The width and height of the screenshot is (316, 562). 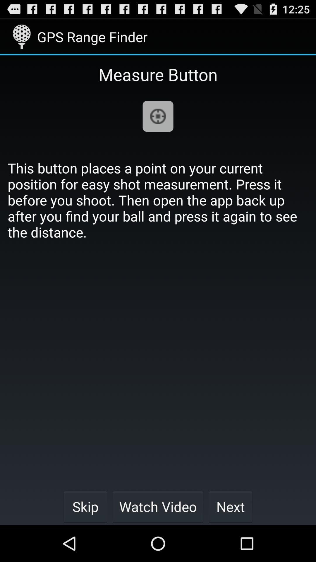 What do you see at coordinates (158, 506) in the screenshot?
I see `the watch video button` at bounding box center [158, 506].